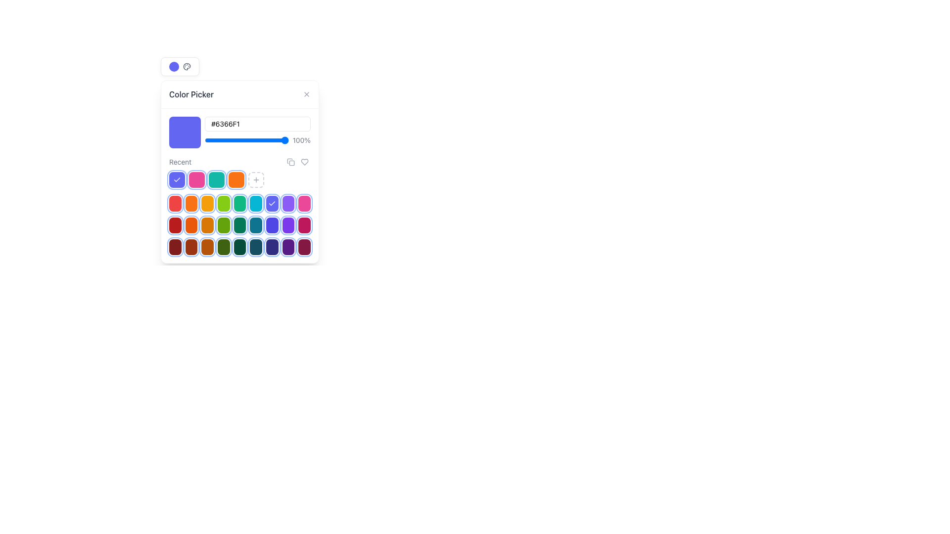 This screenshot has width=950, height=534. I want to click on the slider value, so click(222, 140).